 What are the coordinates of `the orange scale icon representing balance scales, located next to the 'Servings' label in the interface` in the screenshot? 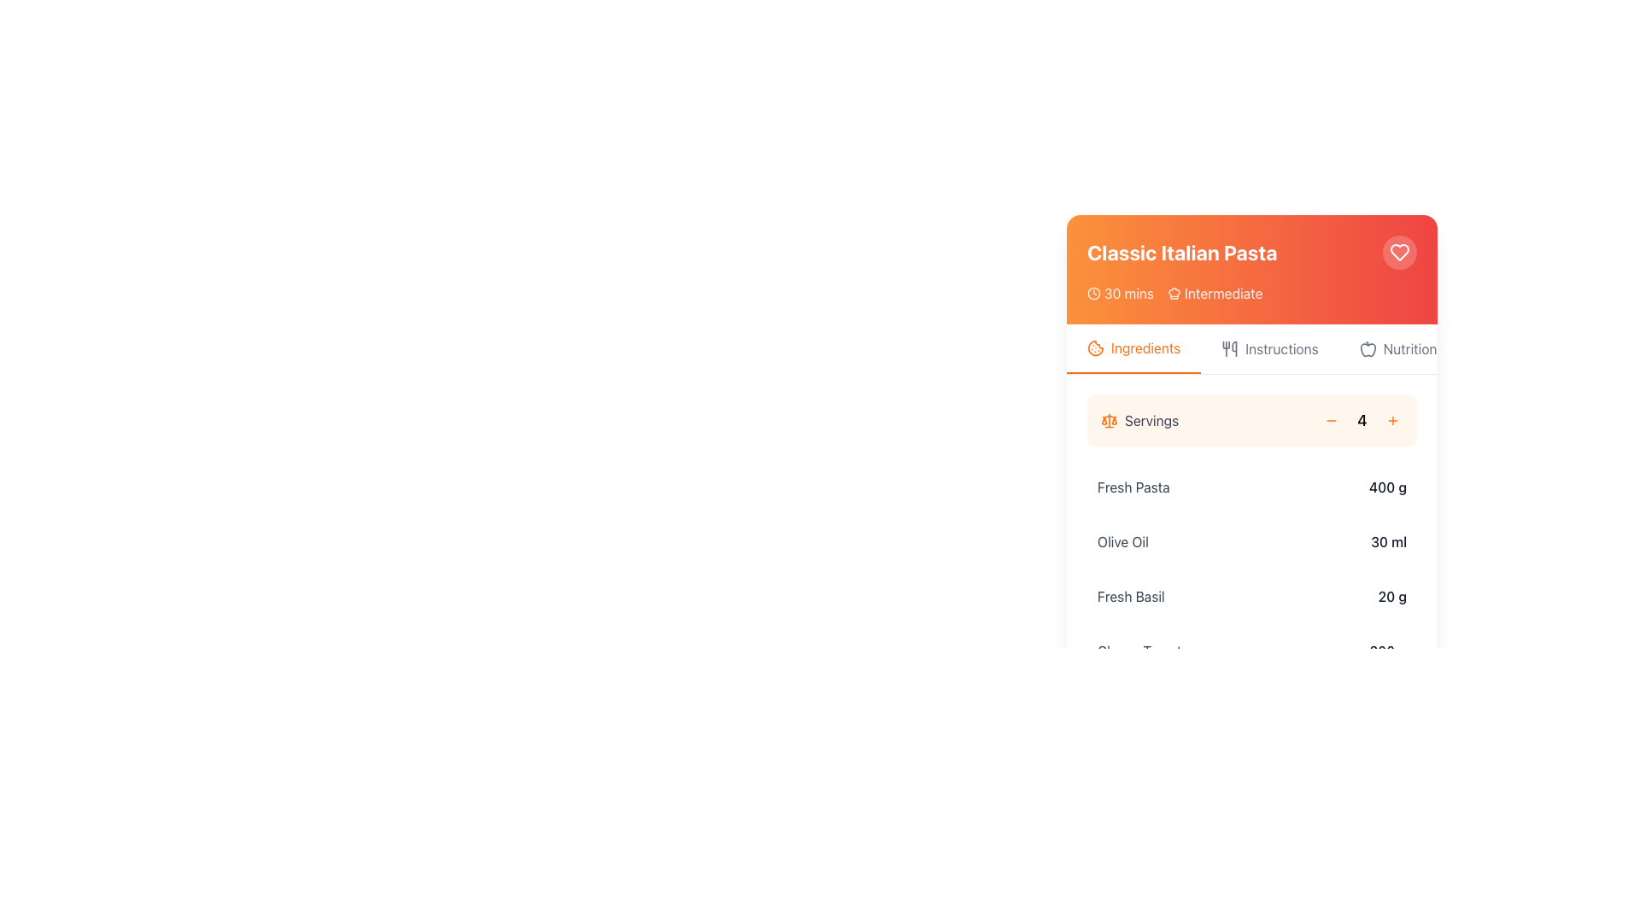 It's located at (1110, 421).